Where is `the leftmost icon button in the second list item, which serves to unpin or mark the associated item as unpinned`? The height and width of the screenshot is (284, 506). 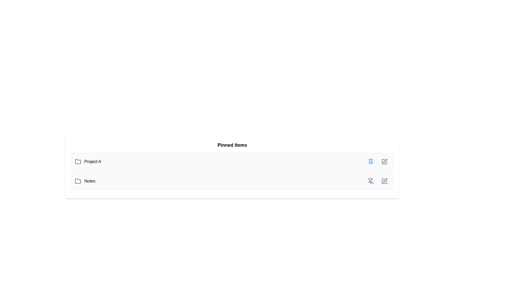
the leftmost icon button in the second list item, which serves to unpin or mark the associated item as unpinned is located at coordinates (370, 181).